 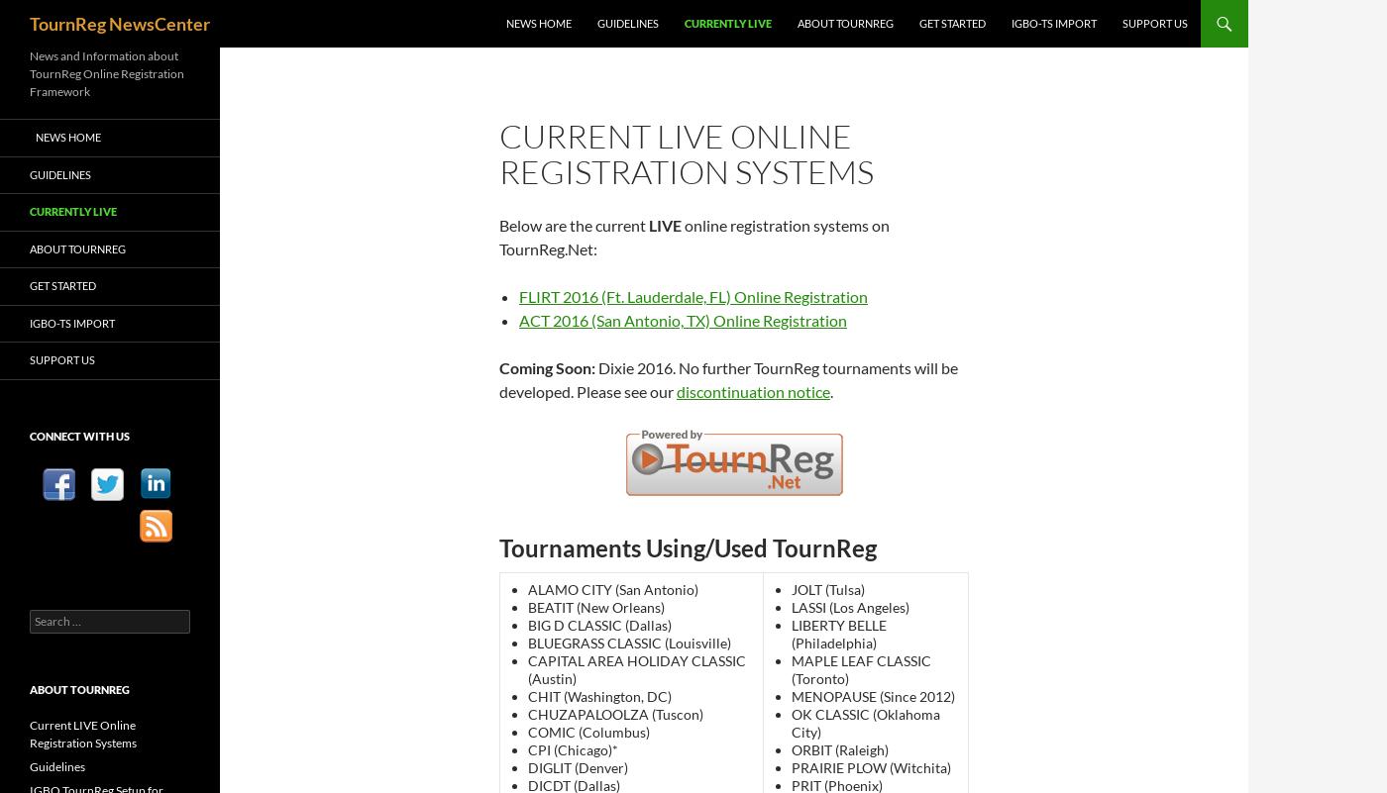 I want to click on 'JOLT (Tulsa)', so click(x=790, y=589).